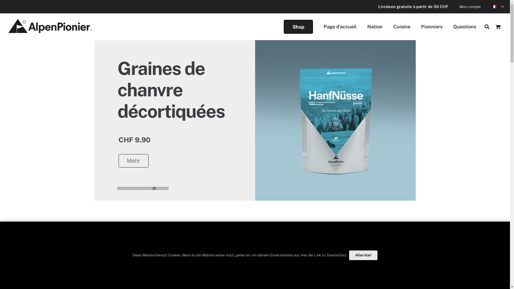 The width and height of the screenshot is (514, 289). Describe the element at coordinates (298, 27) in the screenshot. I see `'Shop'` at that location.